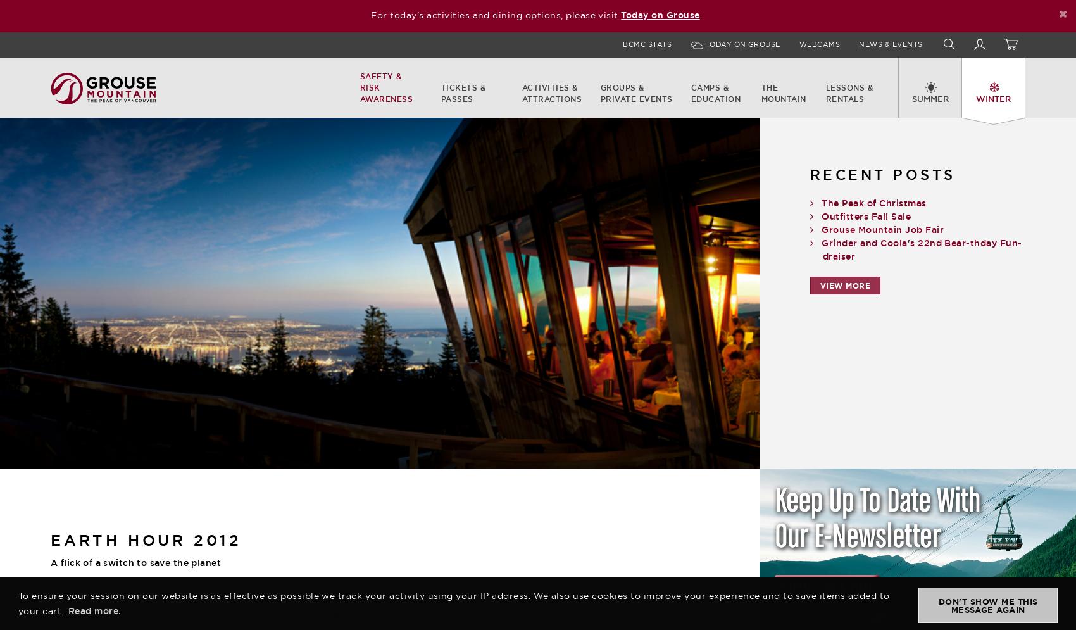  I want to click on 'Camps & Education', so click(716, 92).